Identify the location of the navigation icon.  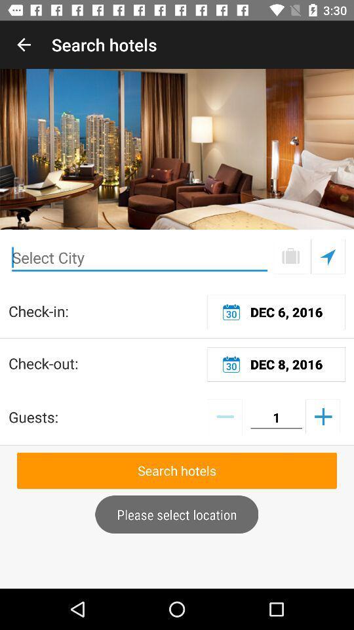
(327, 256).